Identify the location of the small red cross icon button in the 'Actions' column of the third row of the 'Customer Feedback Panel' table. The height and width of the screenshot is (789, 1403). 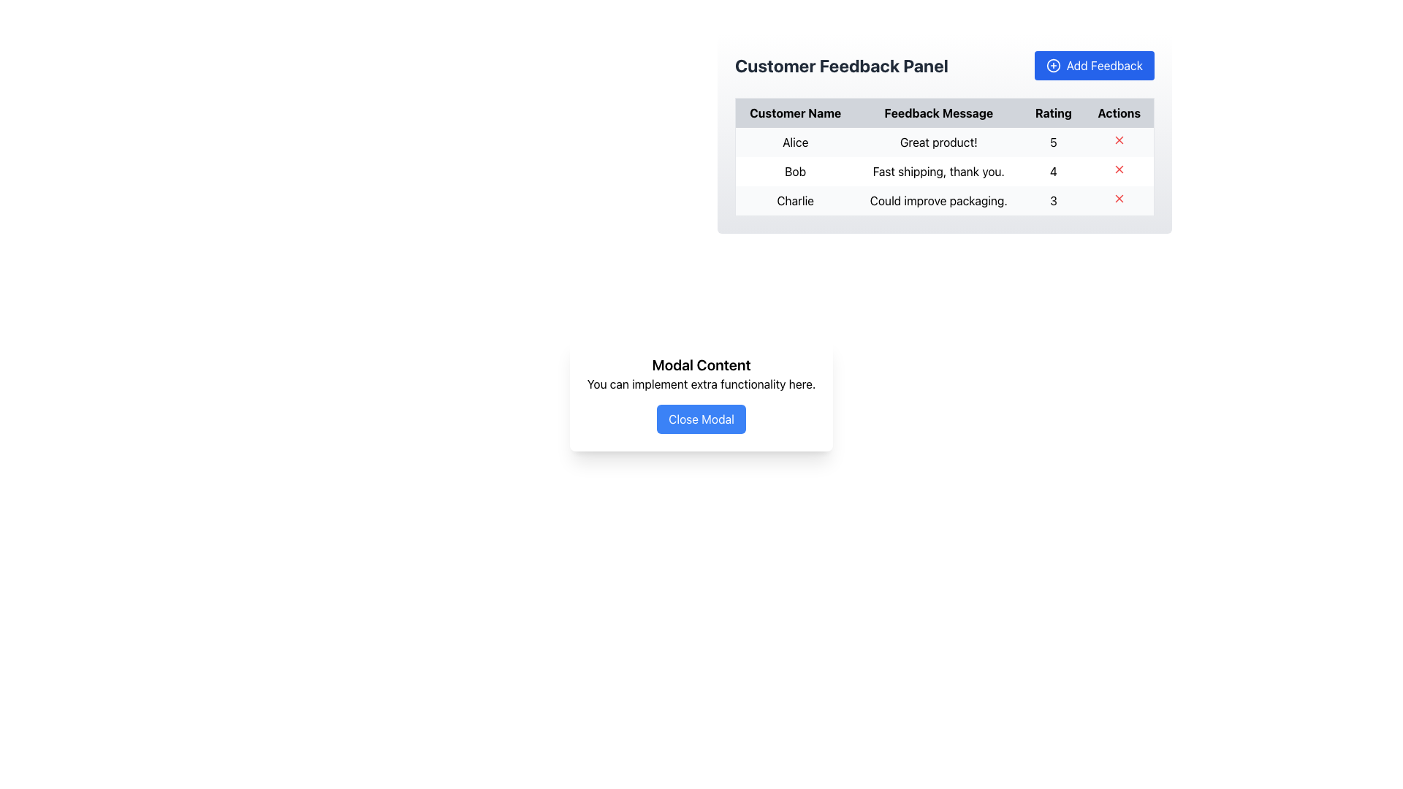
(1118, 199).